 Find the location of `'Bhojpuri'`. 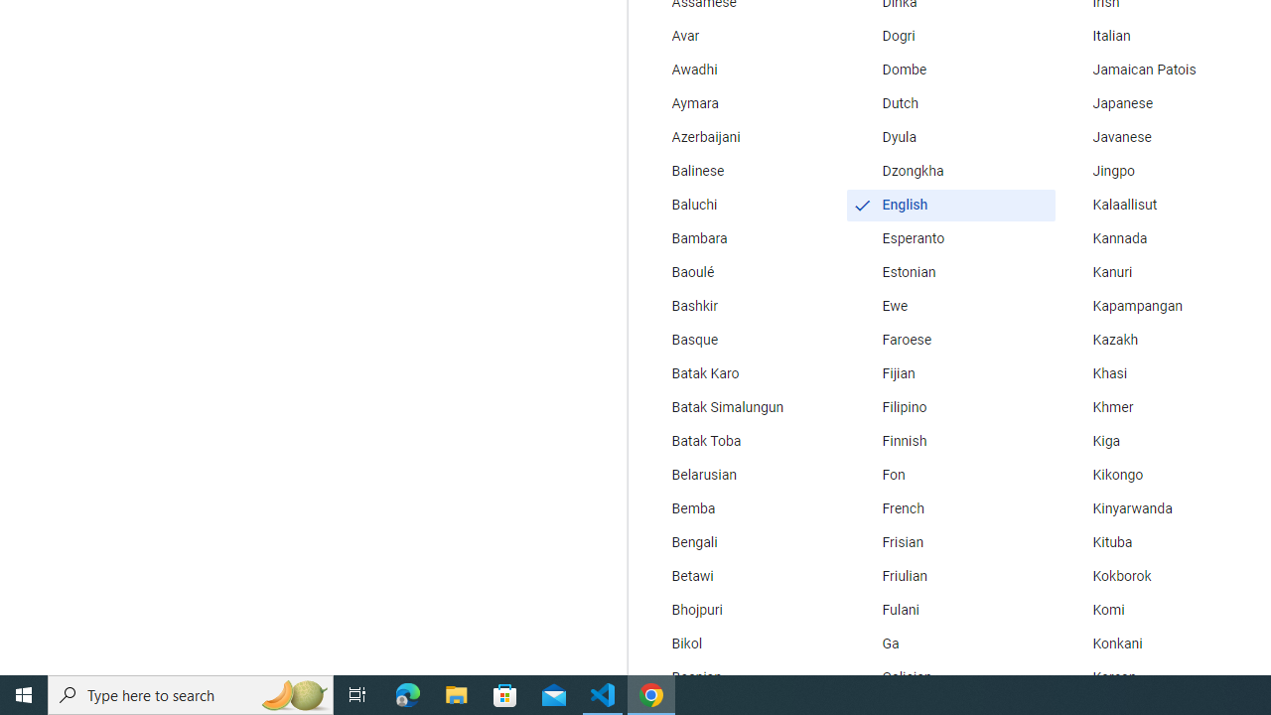

'Bhojpuri' is located at coordinates (739, 609).